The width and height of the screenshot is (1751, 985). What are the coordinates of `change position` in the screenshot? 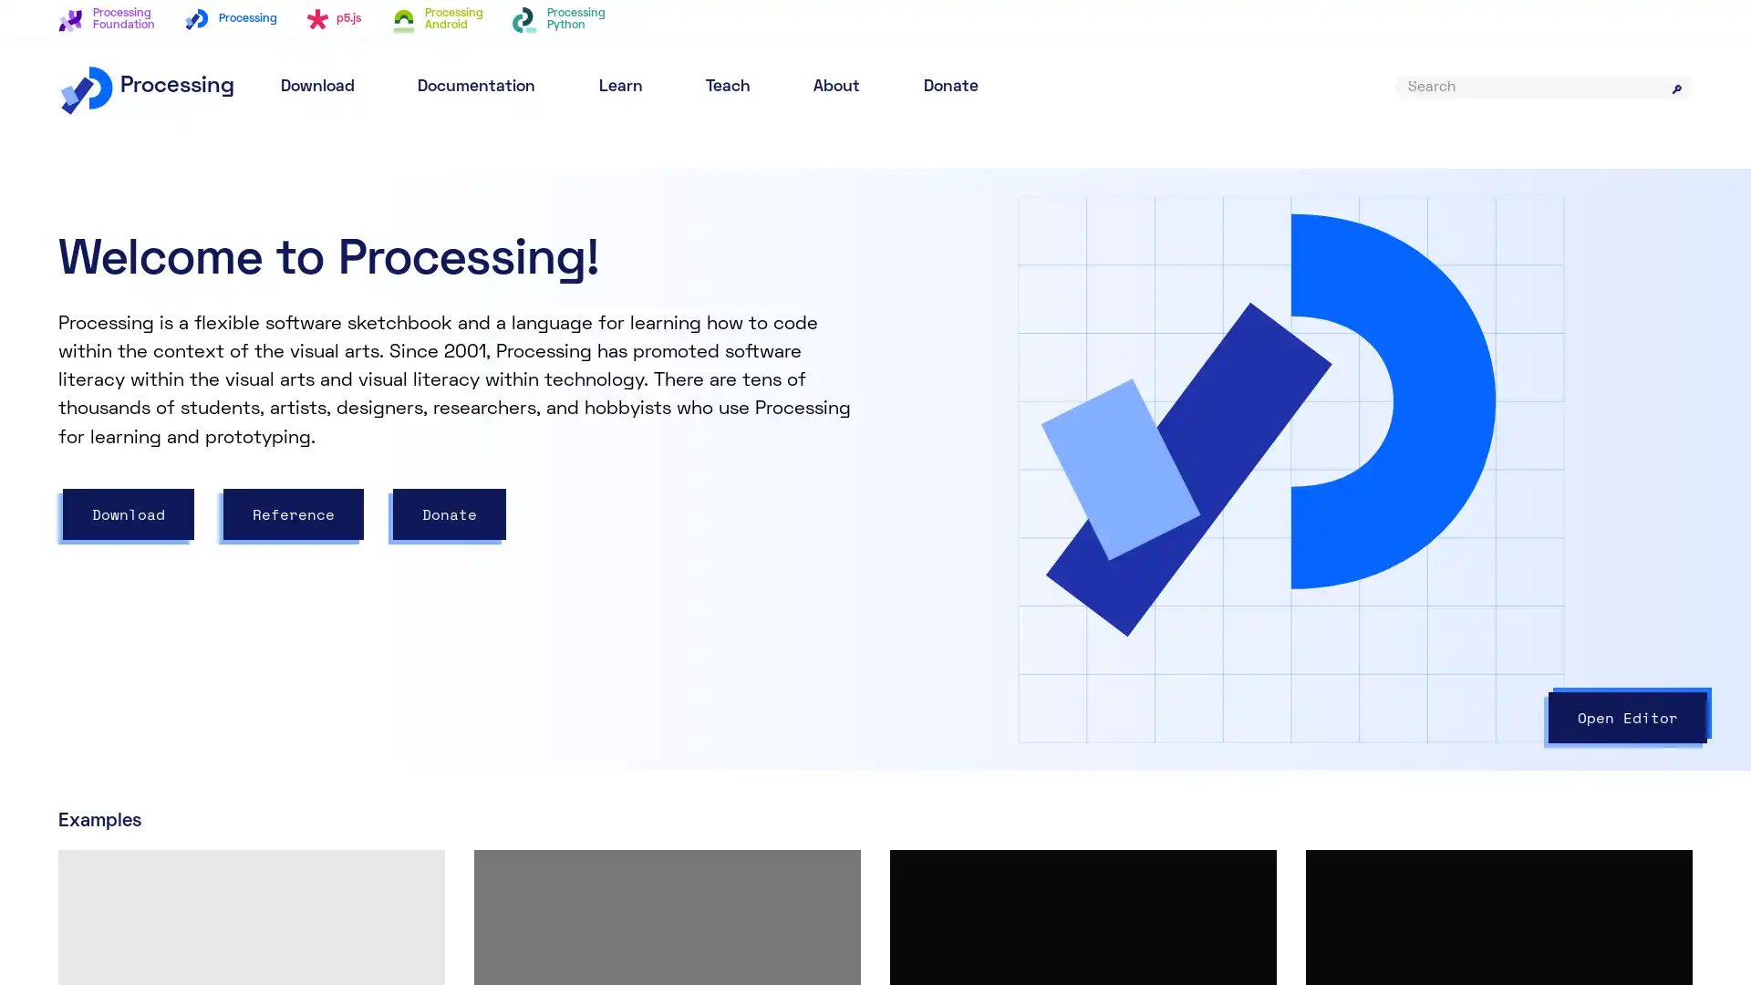 It's located at (1276, 500).